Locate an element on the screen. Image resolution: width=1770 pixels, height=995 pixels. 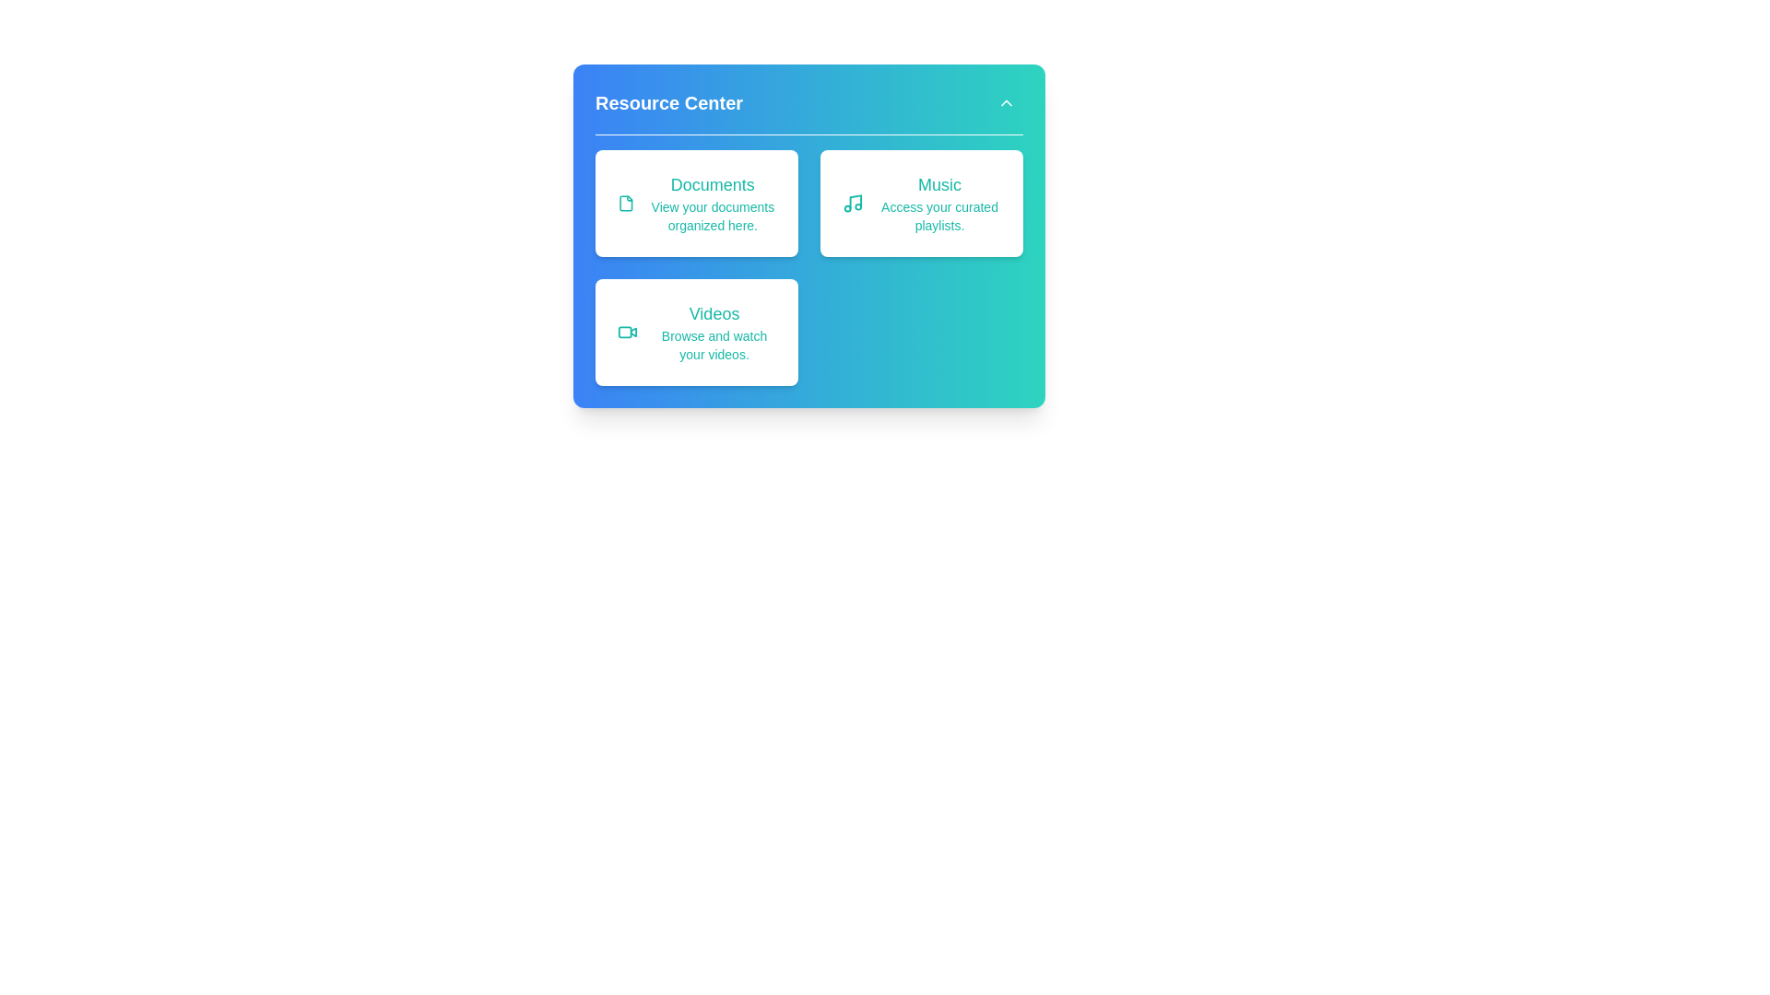
the menu item Videos to observe its hover effect is located at coordinates (695, 333).